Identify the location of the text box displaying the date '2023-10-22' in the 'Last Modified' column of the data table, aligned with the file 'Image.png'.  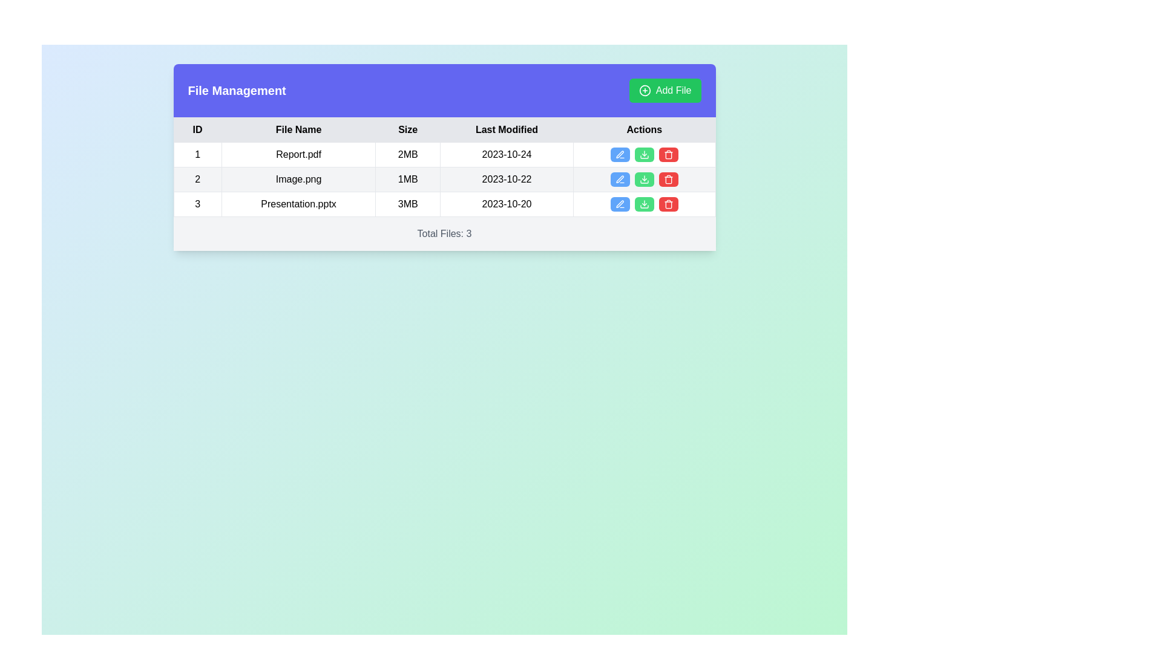
(507, 180).